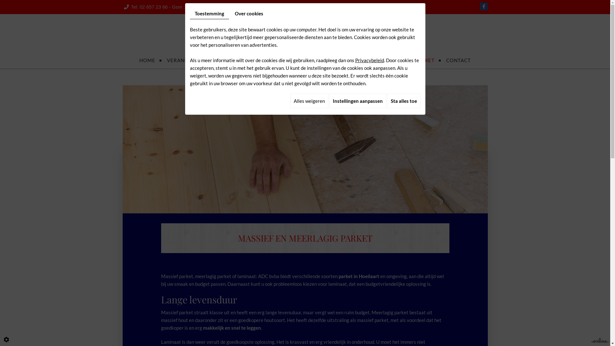 Image resolution: width=615 pixels, height=346 pixels. Describe the element at coordinates (309, 101) in the screenshot. I see `'Alles weigeren'` at that location.